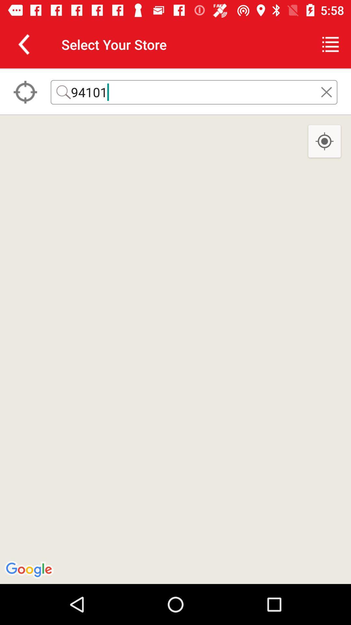 This screenshot has width=351, height=625. I want to click on the location_crosshair icon, so click(25, 92).